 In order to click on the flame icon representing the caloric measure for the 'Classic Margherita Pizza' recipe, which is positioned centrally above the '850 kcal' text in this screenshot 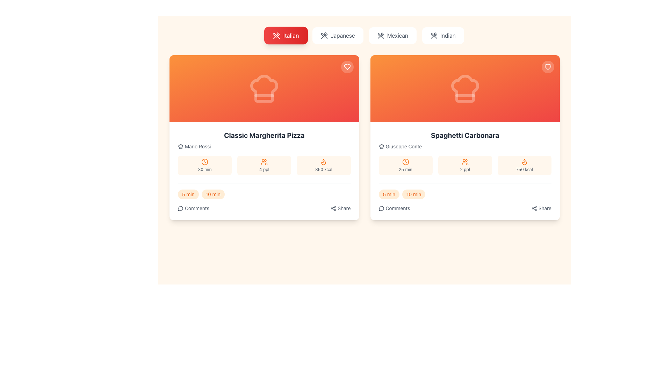, I will do `click(323, 162)`.